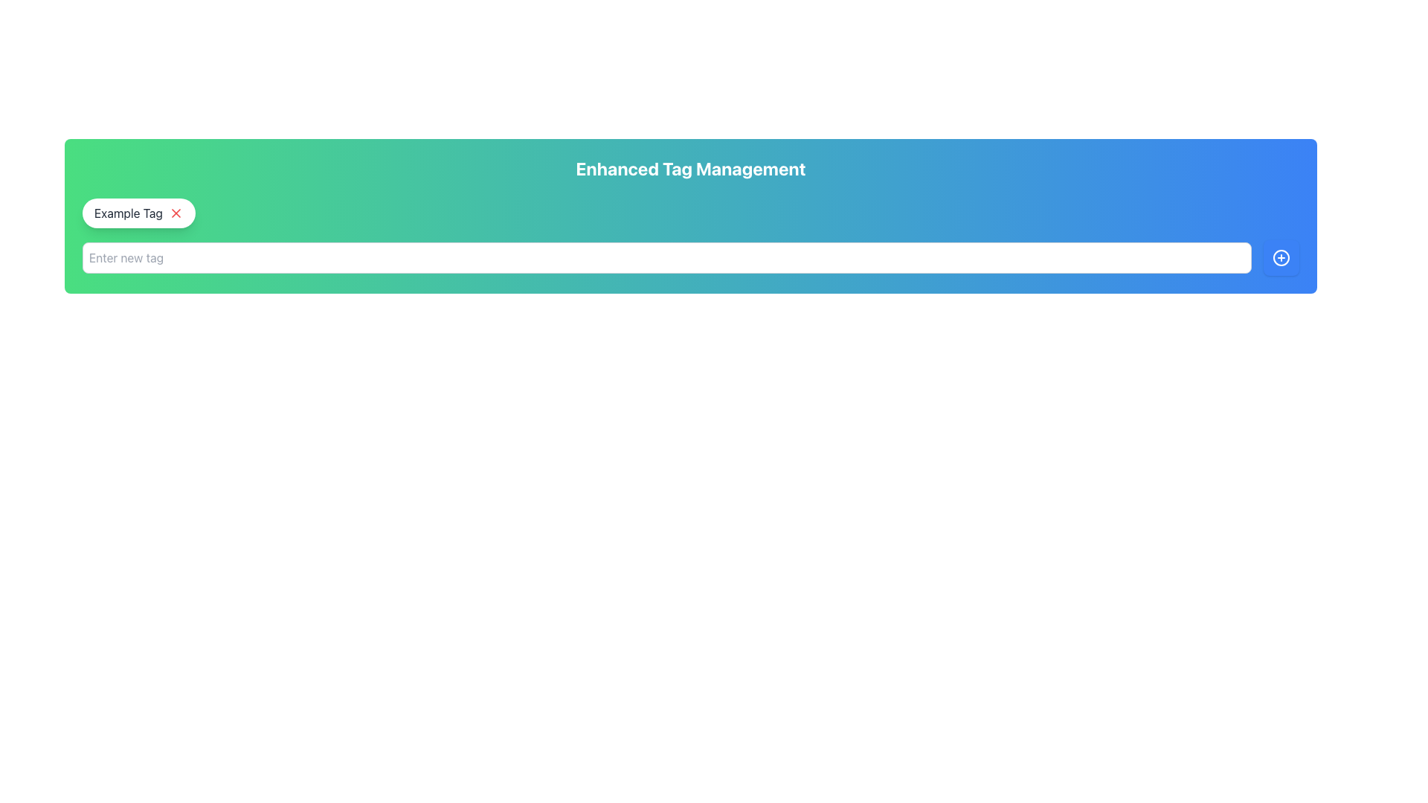  What do you see at coordinates (1281, 257) in the screenshot?
I see `the 'Add' icon button located at the farthest right section of the blue box` at bounding box center [1281, 257].